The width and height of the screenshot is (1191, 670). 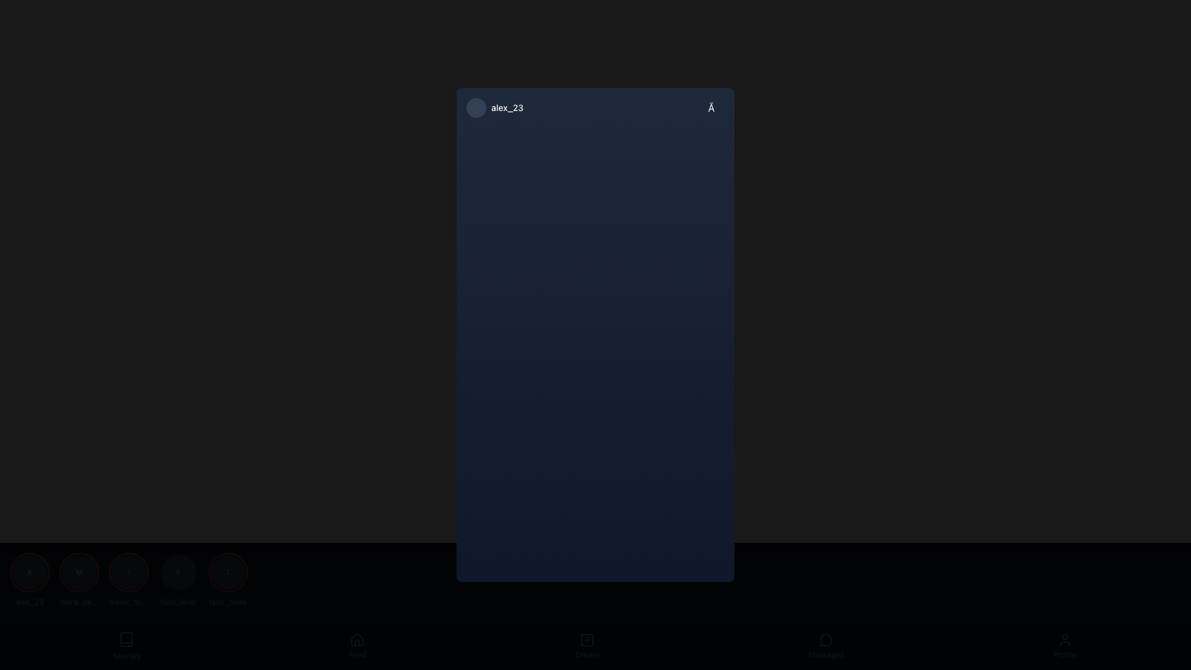 I want to click on the close button represented by a white '×' symbol on a dark background, located in the upper-right corner next to the username 'alex_23', so click(x=716, y=107).